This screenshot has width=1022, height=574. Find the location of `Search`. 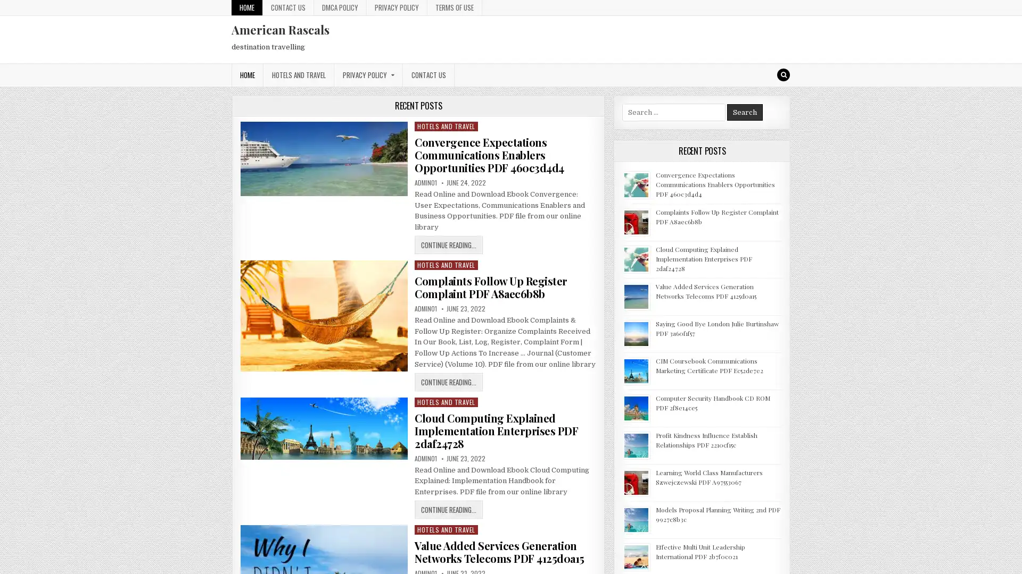

Search is located at coordinates (744, 112).